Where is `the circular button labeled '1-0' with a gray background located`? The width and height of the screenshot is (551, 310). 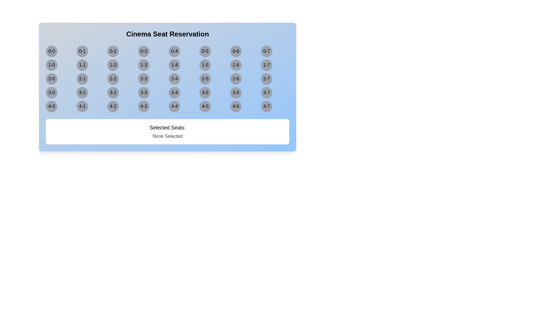
the circular button labeled '1-0' with a gray background located is located at coordinates (52, 65).